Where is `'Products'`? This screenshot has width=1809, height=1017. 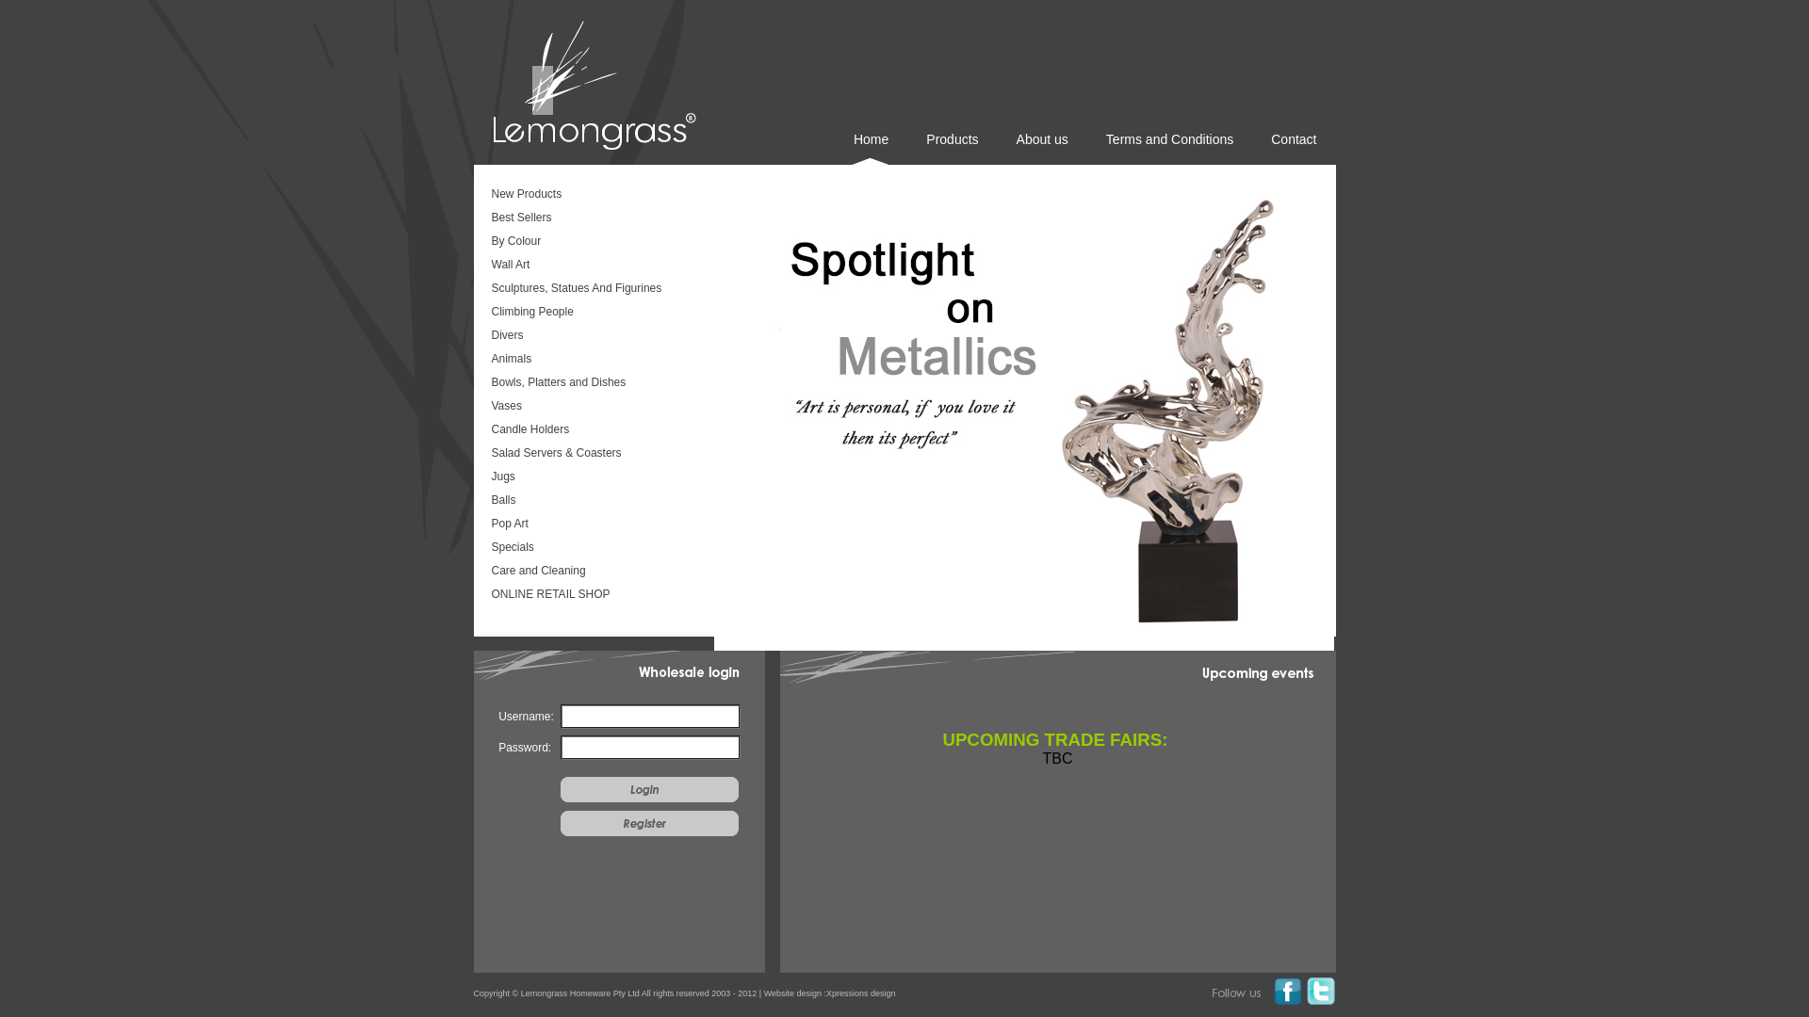
'Products' is located at coordinates (952, 147).